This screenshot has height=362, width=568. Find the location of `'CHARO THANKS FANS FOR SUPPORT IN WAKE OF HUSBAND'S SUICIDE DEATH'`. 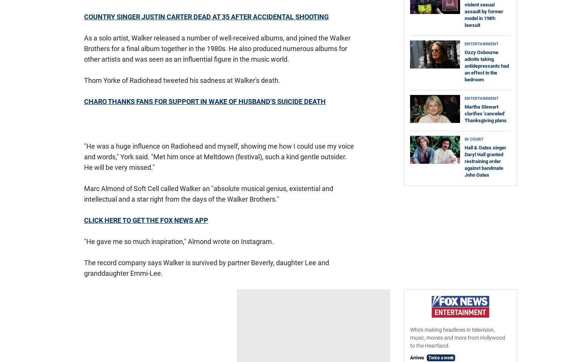

'CHARO THANKS FANS FOR SUPPORT IN WAKE OF HUSBAND'S SUICIDE DEATH' is located at coordinates (205, 101).